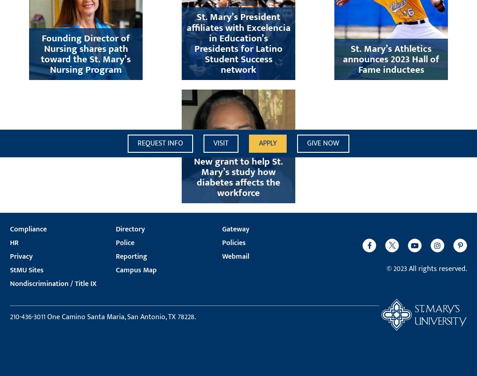  What do you see at coordinates (116, 270) in the screenshot?
I see `'Campus Map'` at bounding box center [116, 270].